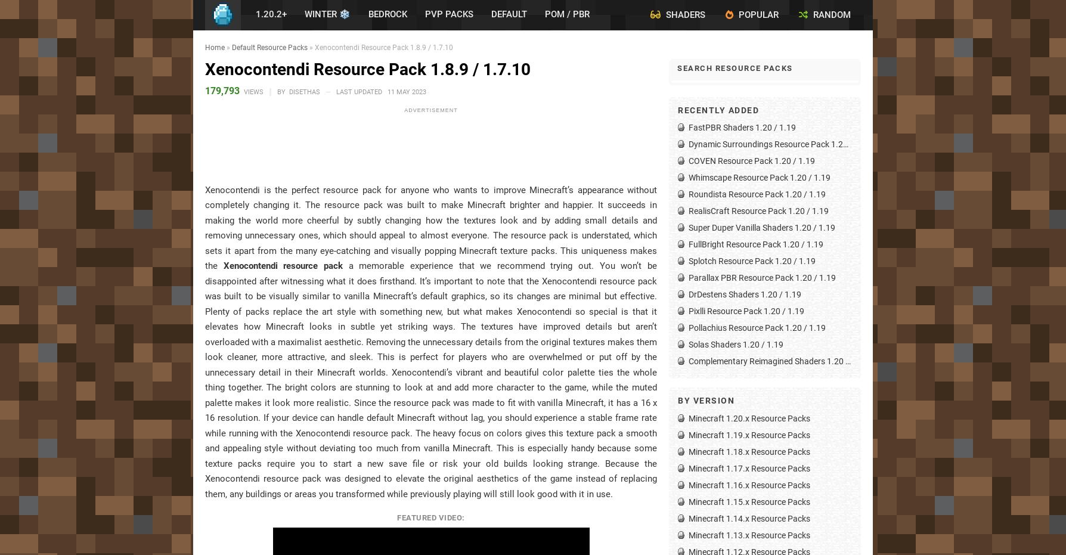 Image resolution: width=1066 pixels, height=555 pixels. I want to click on 'FullBright Resource Pack 1.20 / 1.19', so click(755, 244).